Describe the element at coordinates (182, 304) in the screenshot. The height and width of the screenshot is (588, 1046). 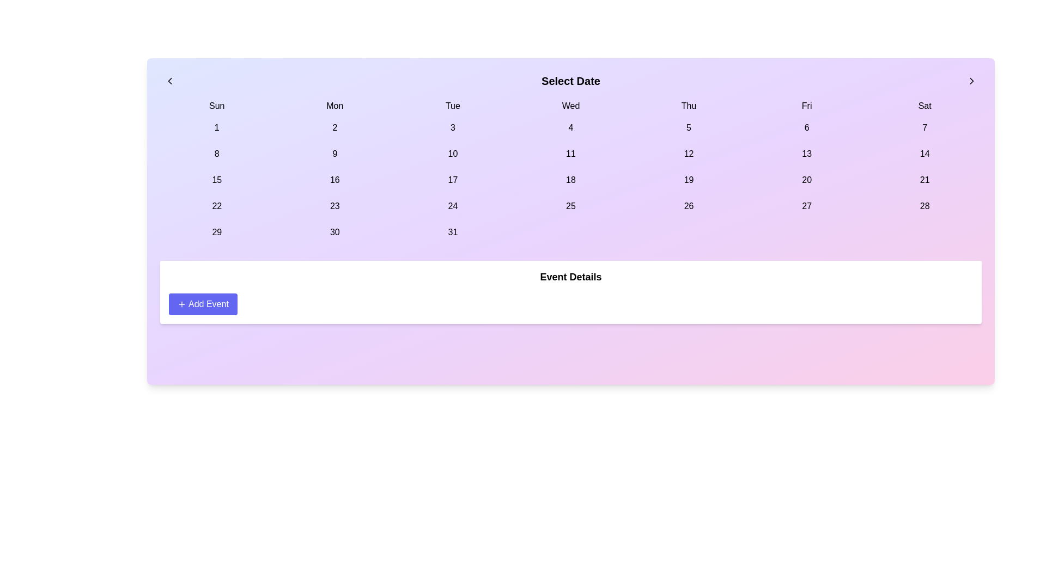
I see `the small circular '+' icon located on the left side of the 'Add Event' button, which is styled to match the blue background of the button` at that location.